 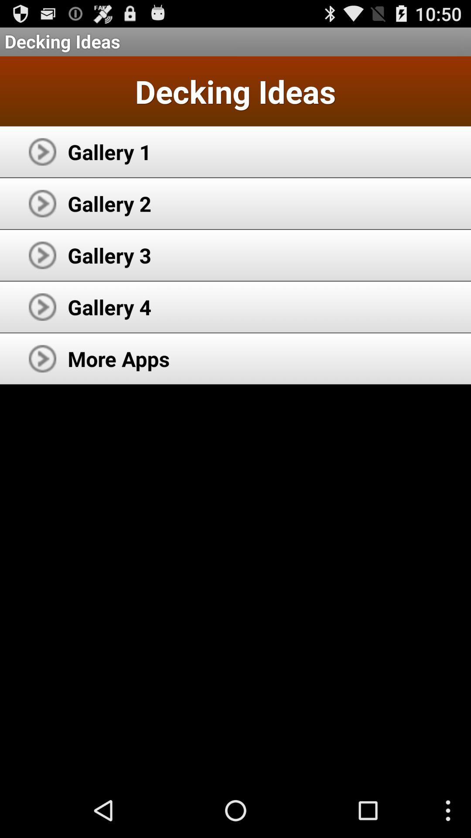 What do you see at coordinates (119, 358) in the screenshot?
I see `the app below the gallery 4 icon` at bounding box center [119, 358].